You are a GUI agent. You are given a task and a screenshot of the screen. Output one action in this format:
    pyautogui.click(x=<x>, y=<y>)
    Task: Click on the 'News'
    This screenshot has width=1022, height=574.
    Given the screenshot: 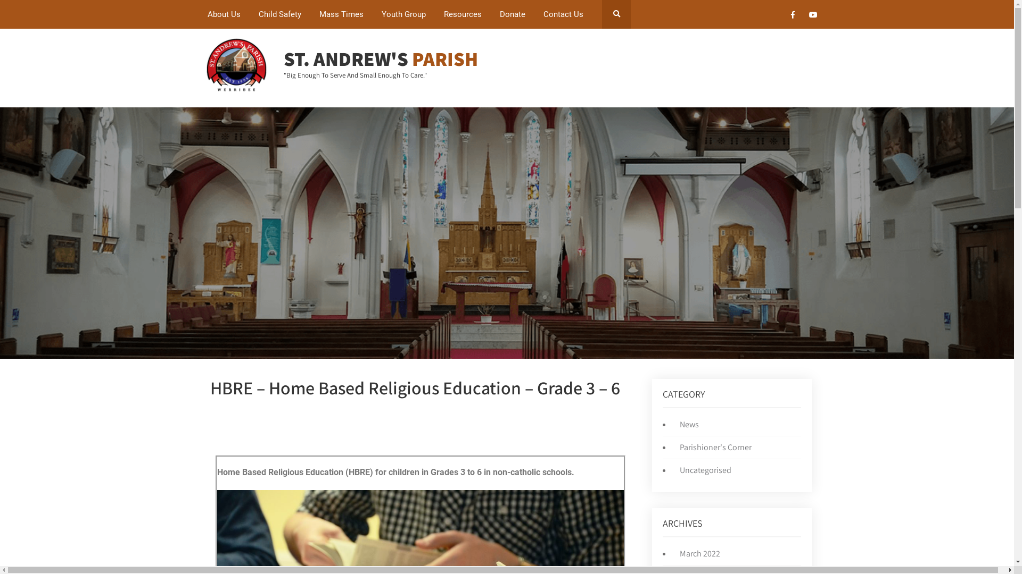 What is the action you would take?
    pyautogui.click(x=687, y=424)
    